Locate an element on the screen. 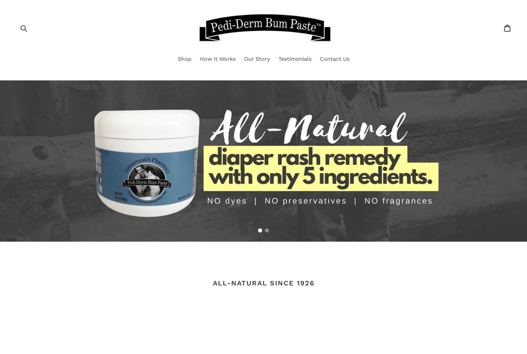 Image resolution: width=527 pixels, height=354 pixels. 'How It Works' is located at coordinates (217, 58).